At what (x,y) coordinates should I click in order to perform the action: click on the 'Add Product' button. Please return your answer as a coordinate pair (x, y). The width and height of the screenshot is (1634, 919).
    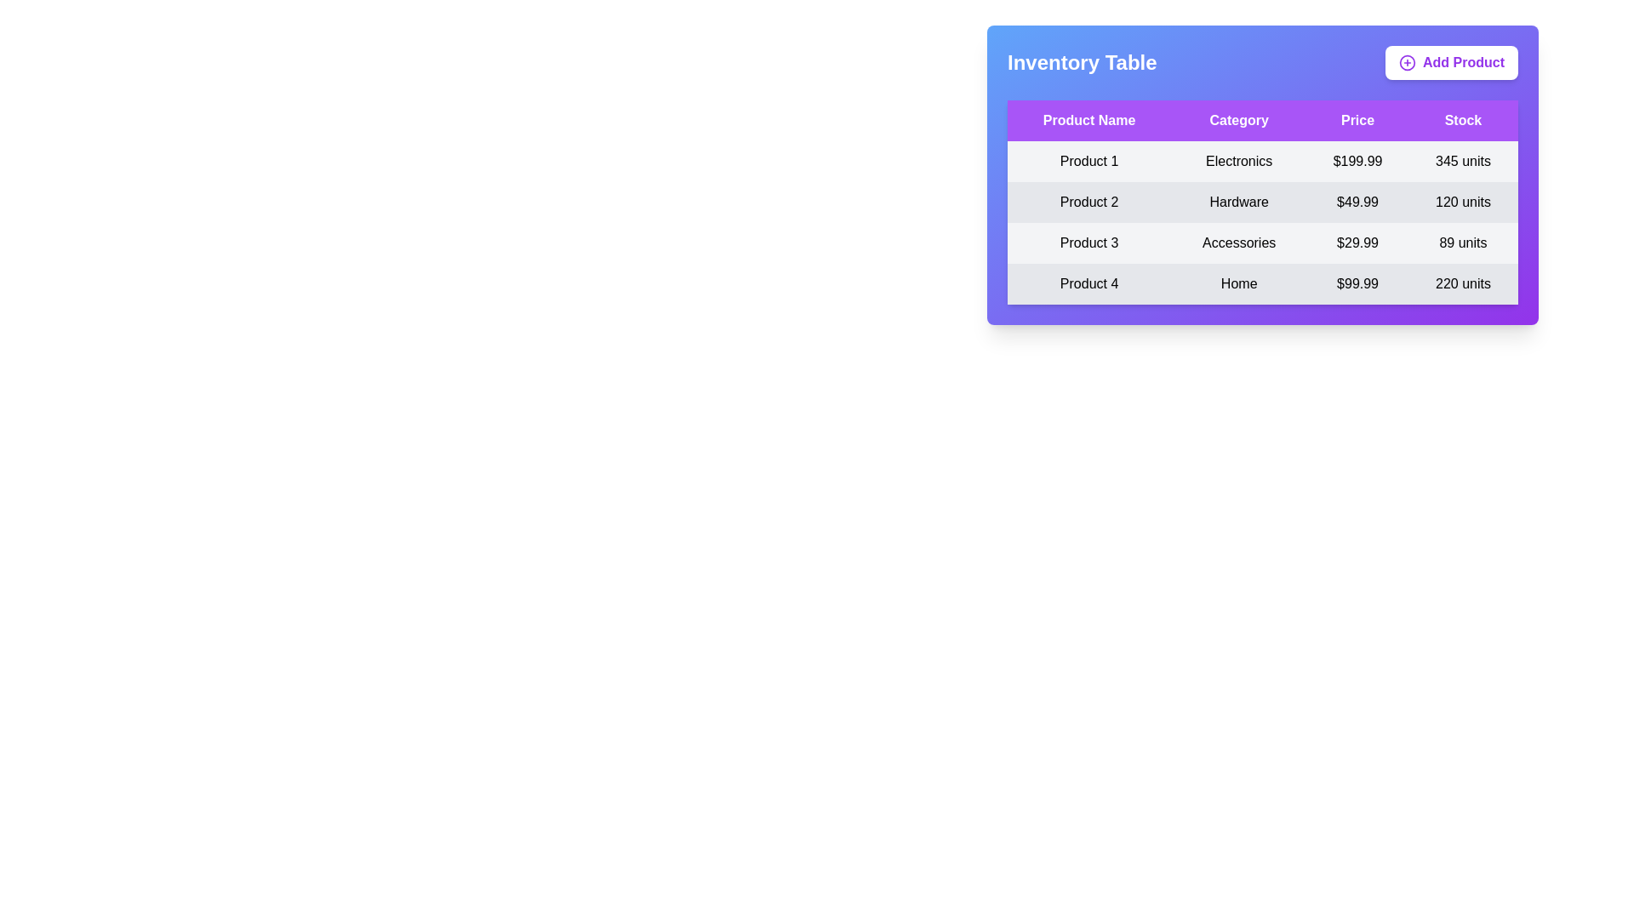
    Looking at the image, I should click on (1450, 61).